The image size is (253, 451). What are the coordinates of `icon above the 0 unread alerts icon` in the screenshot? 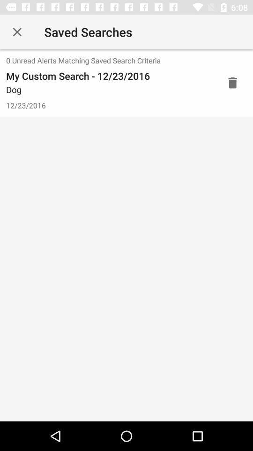 It's located at (17, 32).